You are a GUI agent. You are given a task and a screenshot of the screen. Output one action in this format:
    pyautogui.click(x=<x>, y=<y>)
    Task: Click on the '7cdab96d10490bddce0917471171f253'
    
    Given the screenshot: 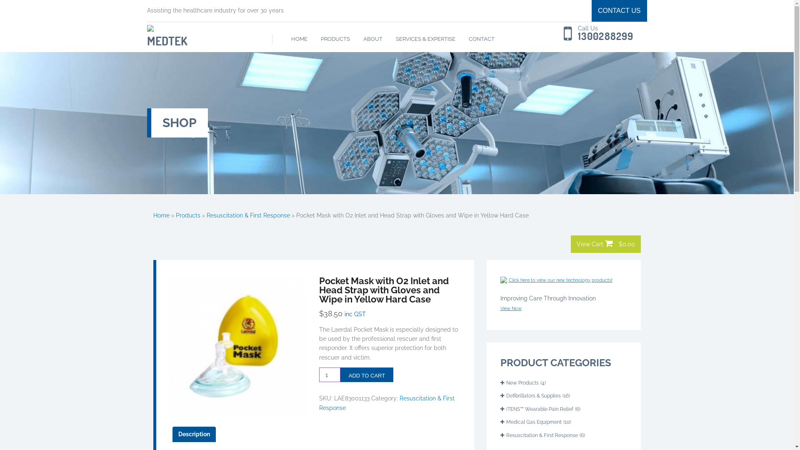 What is the action you would take?
    pyautogui.click(x=237, y=345)
    